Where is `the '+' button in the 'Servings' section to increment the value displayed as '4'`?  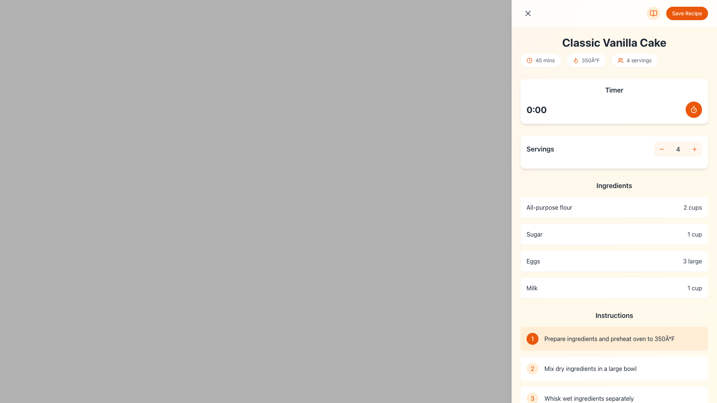
the '+' button in the 'Servings' section to increment the value displayed as '4' is located at coordinates (694, 149).